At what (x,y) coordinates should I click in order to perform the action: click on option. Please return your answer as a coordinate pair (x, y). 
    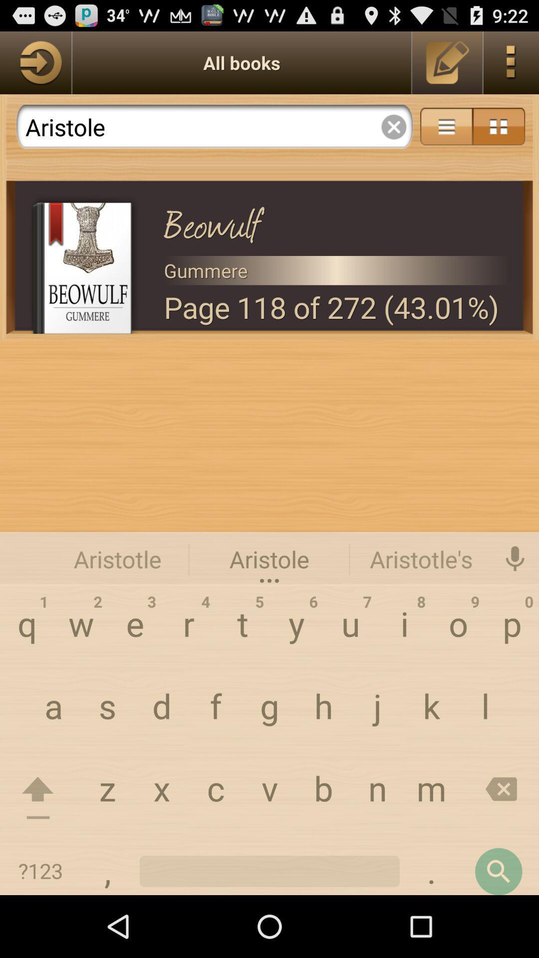
    Looking at the image, I should click on (393, 126).